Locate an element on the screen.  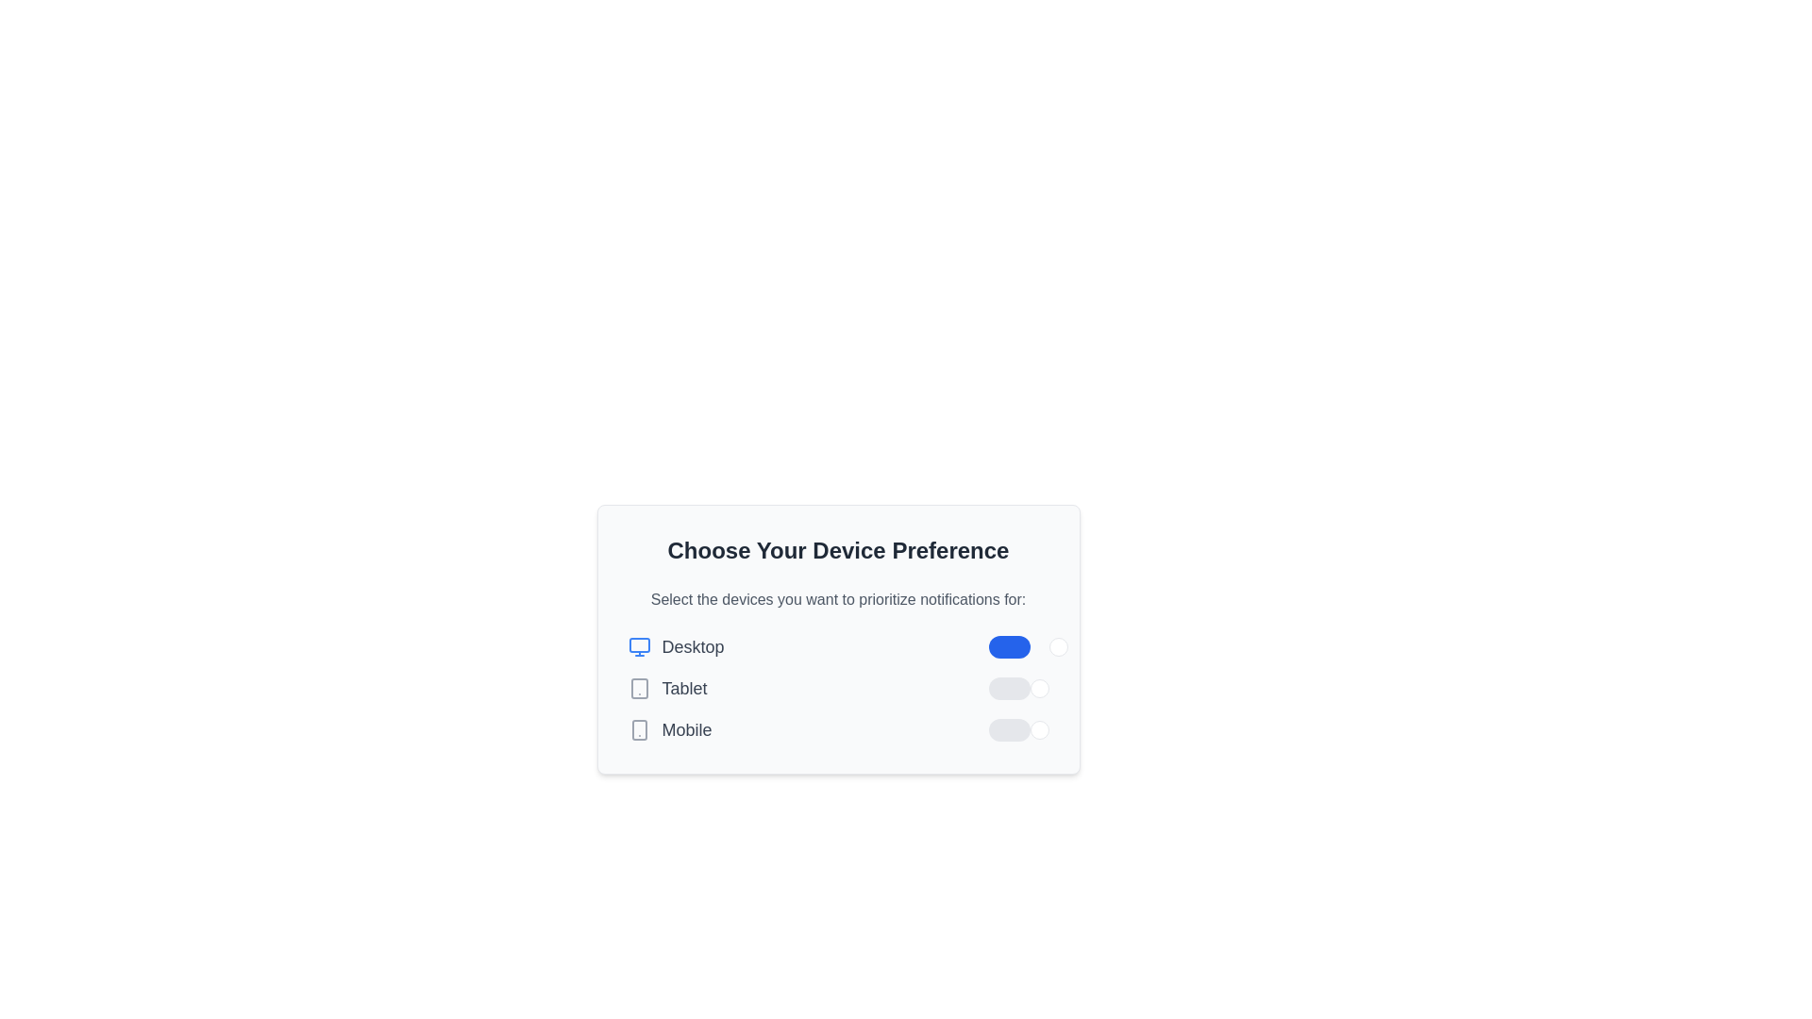
the small circular toggle handle, which is styled with a white fill and a surrounding border, located to the right of the 'Mobile' option in the device preferences list is located at coordinates (1038, 729).